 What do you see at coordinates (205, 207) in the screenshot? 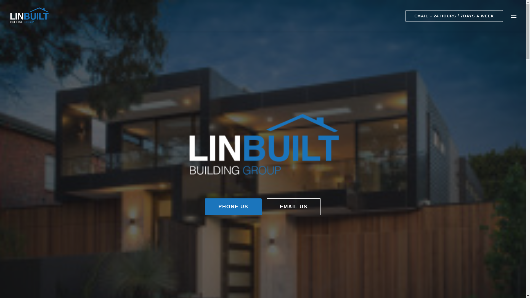
I see `'PHONE US'` at bounding box center [205, 207].